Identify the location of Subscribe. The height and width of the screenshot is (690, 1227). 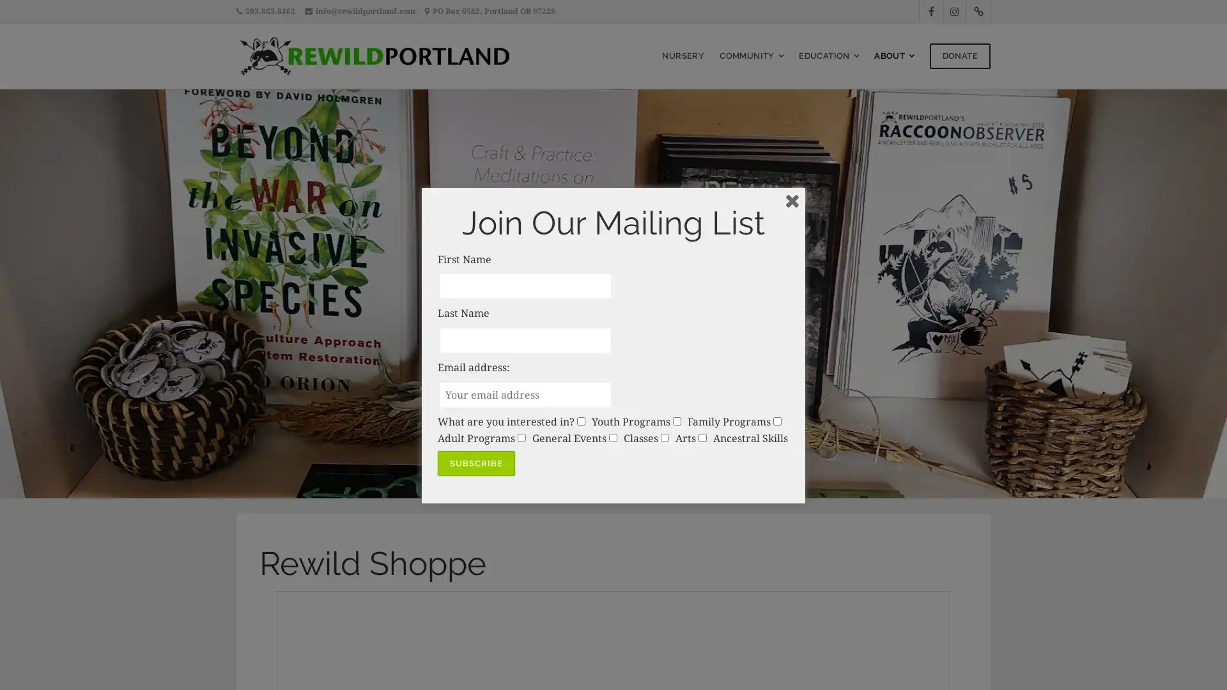
(475, 463).